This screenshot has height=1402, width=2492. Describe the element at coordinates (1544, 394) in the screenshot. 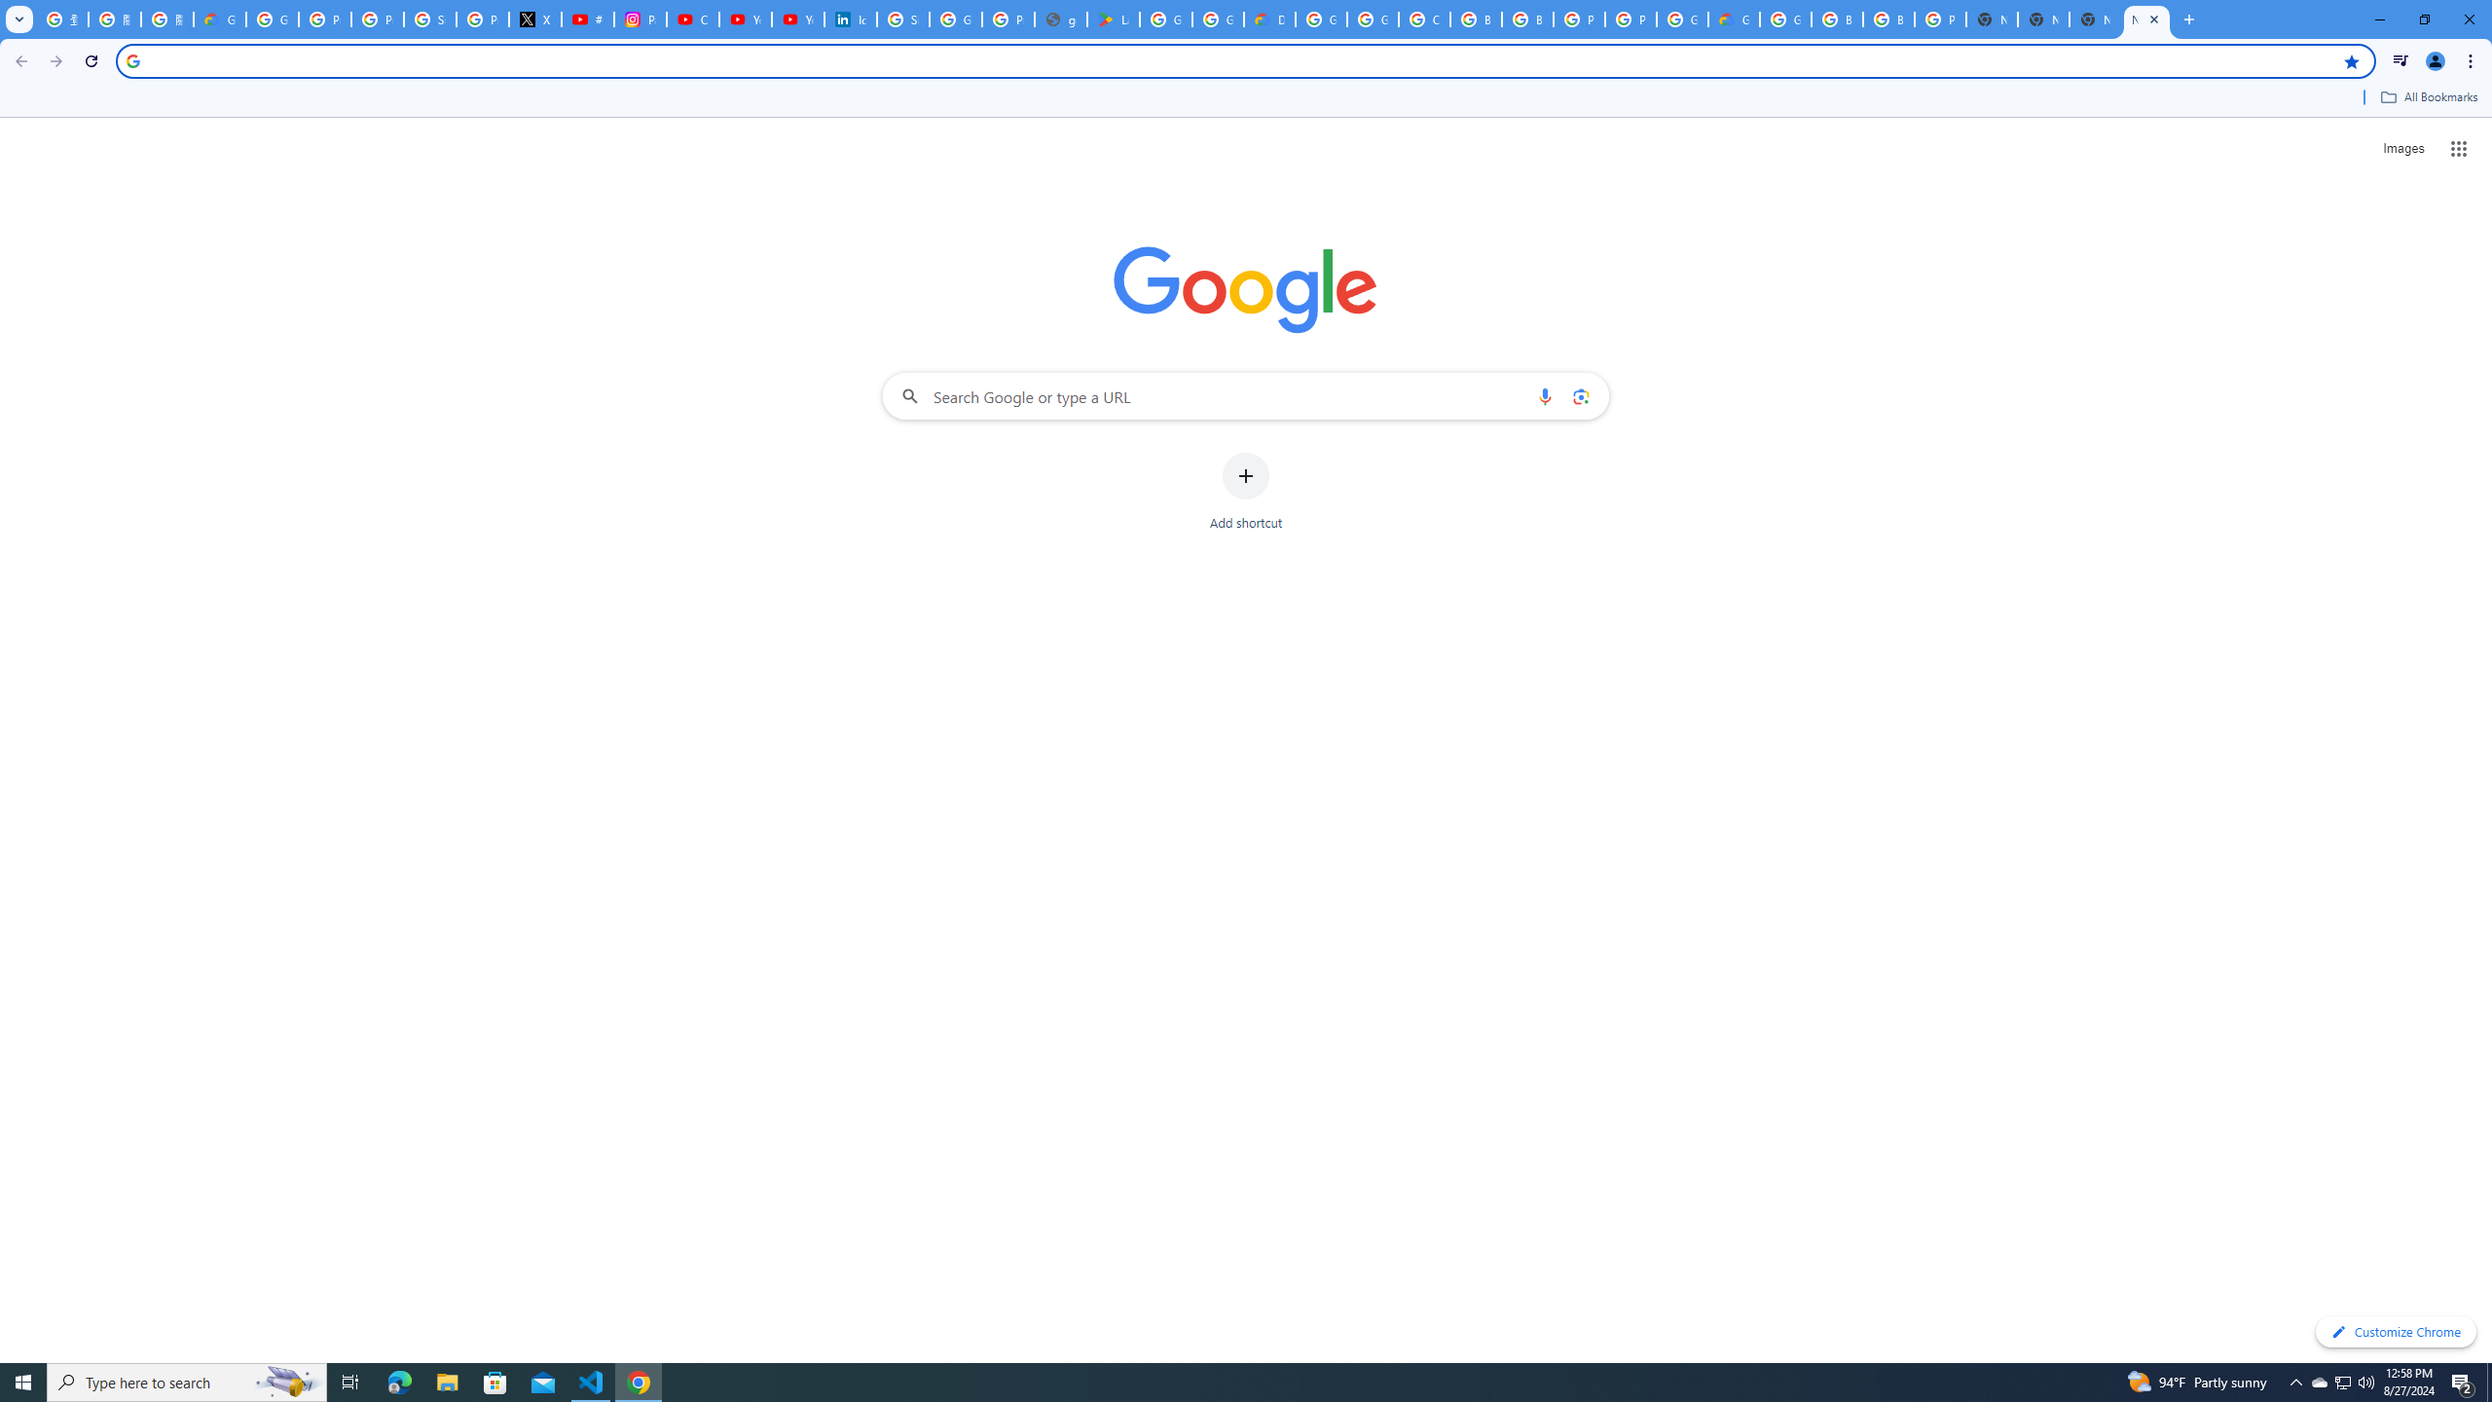

I see `'Search by voice'` at that location.